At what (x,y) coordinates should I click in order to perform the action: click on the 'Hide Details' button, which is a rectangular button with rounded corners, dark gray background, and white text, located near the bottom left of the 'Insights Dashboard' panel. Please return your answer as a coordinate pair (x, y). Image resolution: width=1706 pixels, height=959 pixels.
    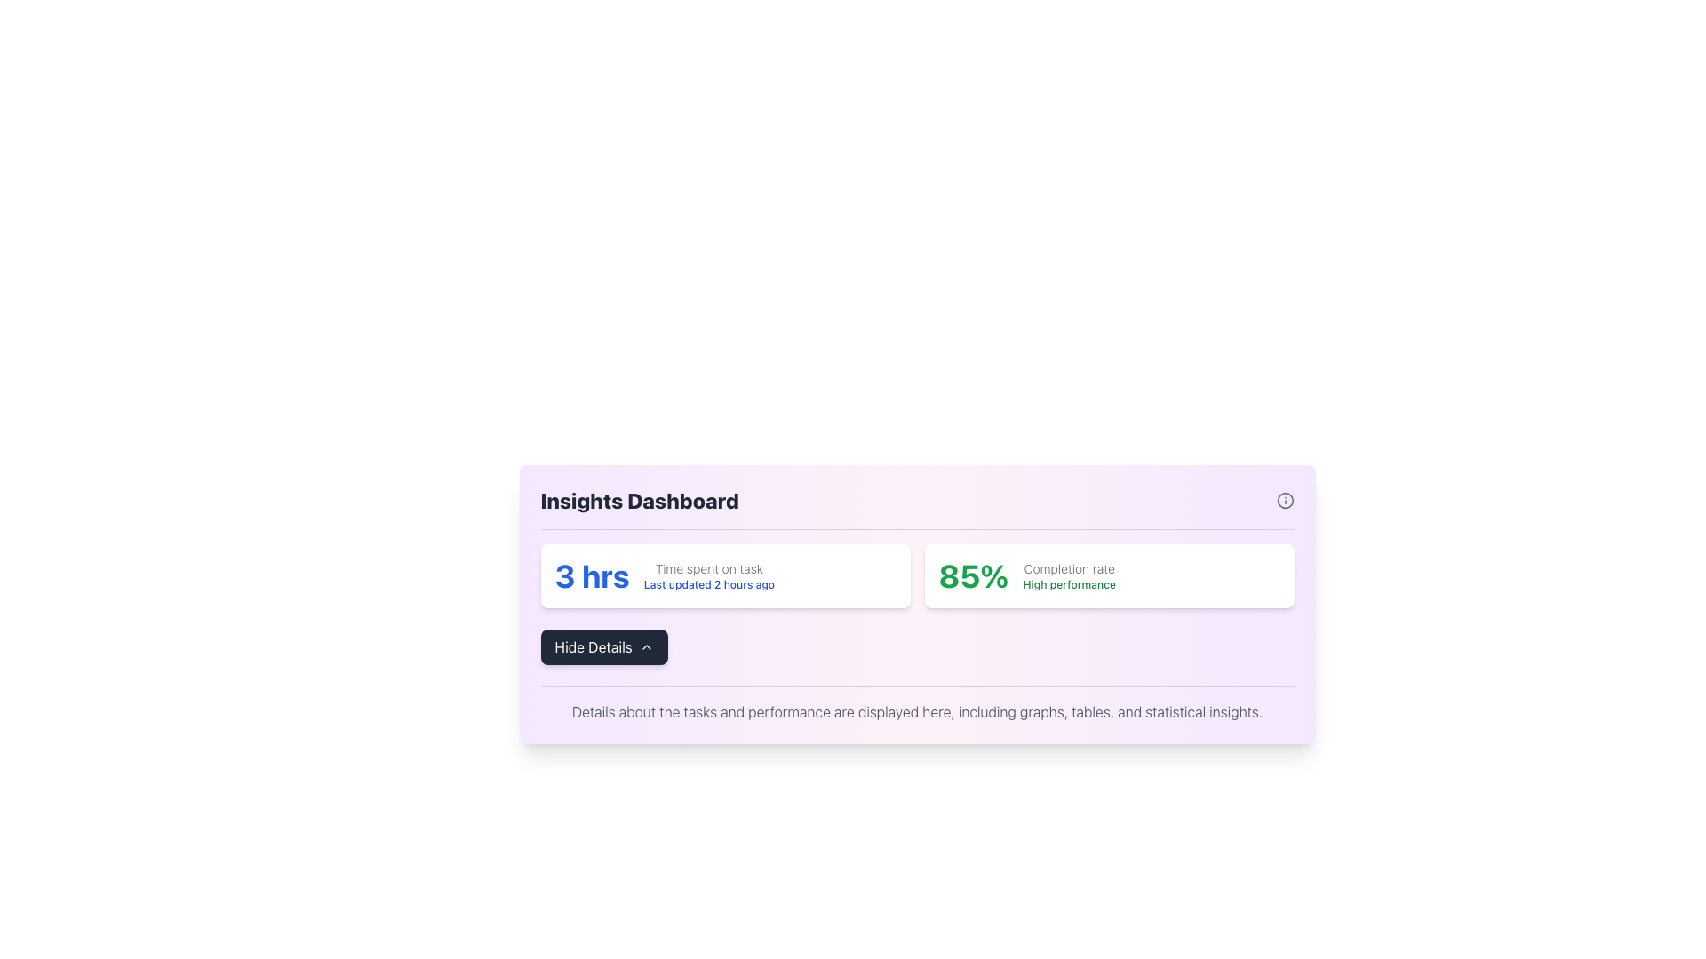
    Looking at the image, I should click on (604, 647).